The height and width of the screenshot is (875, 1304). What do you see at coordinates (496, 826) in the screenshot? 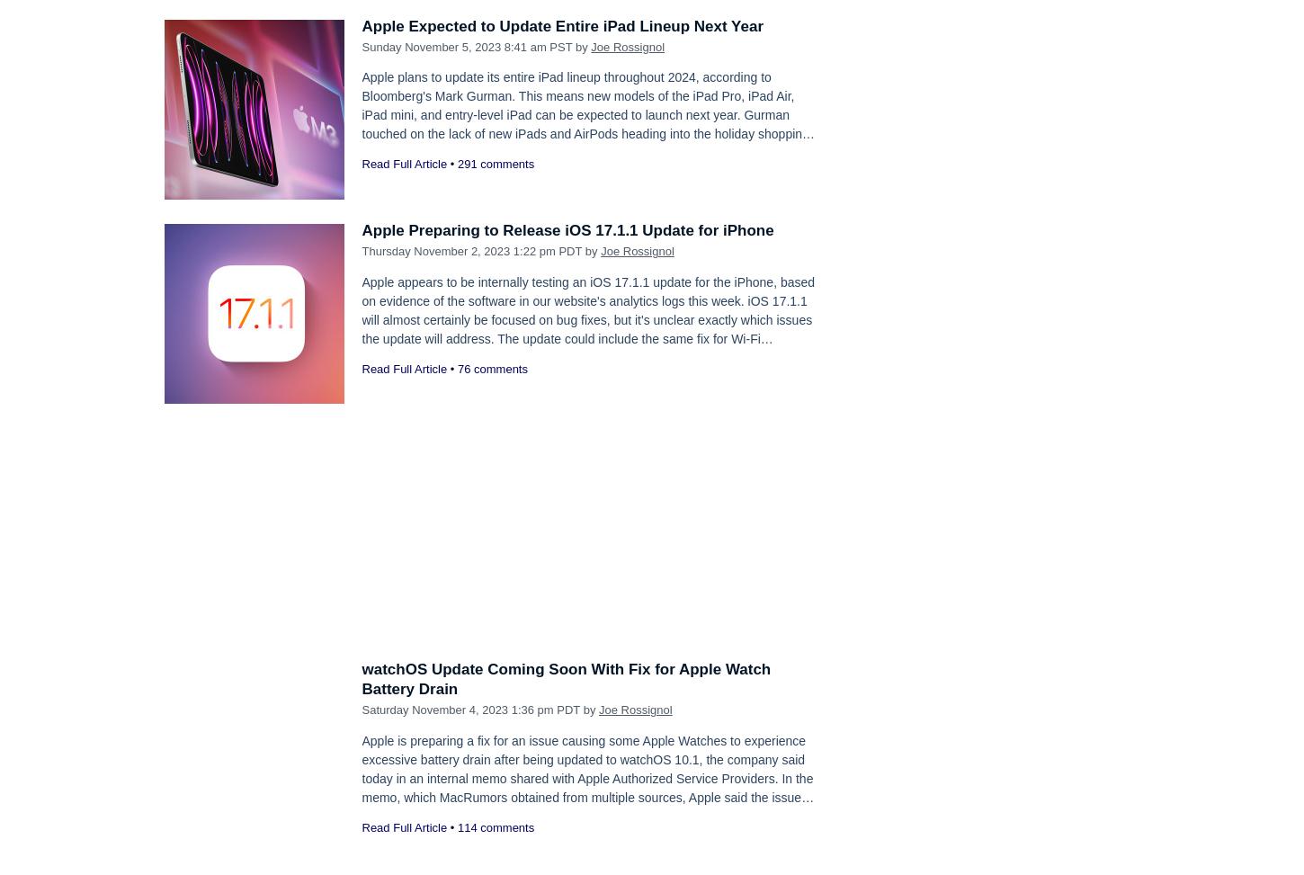
I see `'114 comments'` at bounding box center [496, 826].